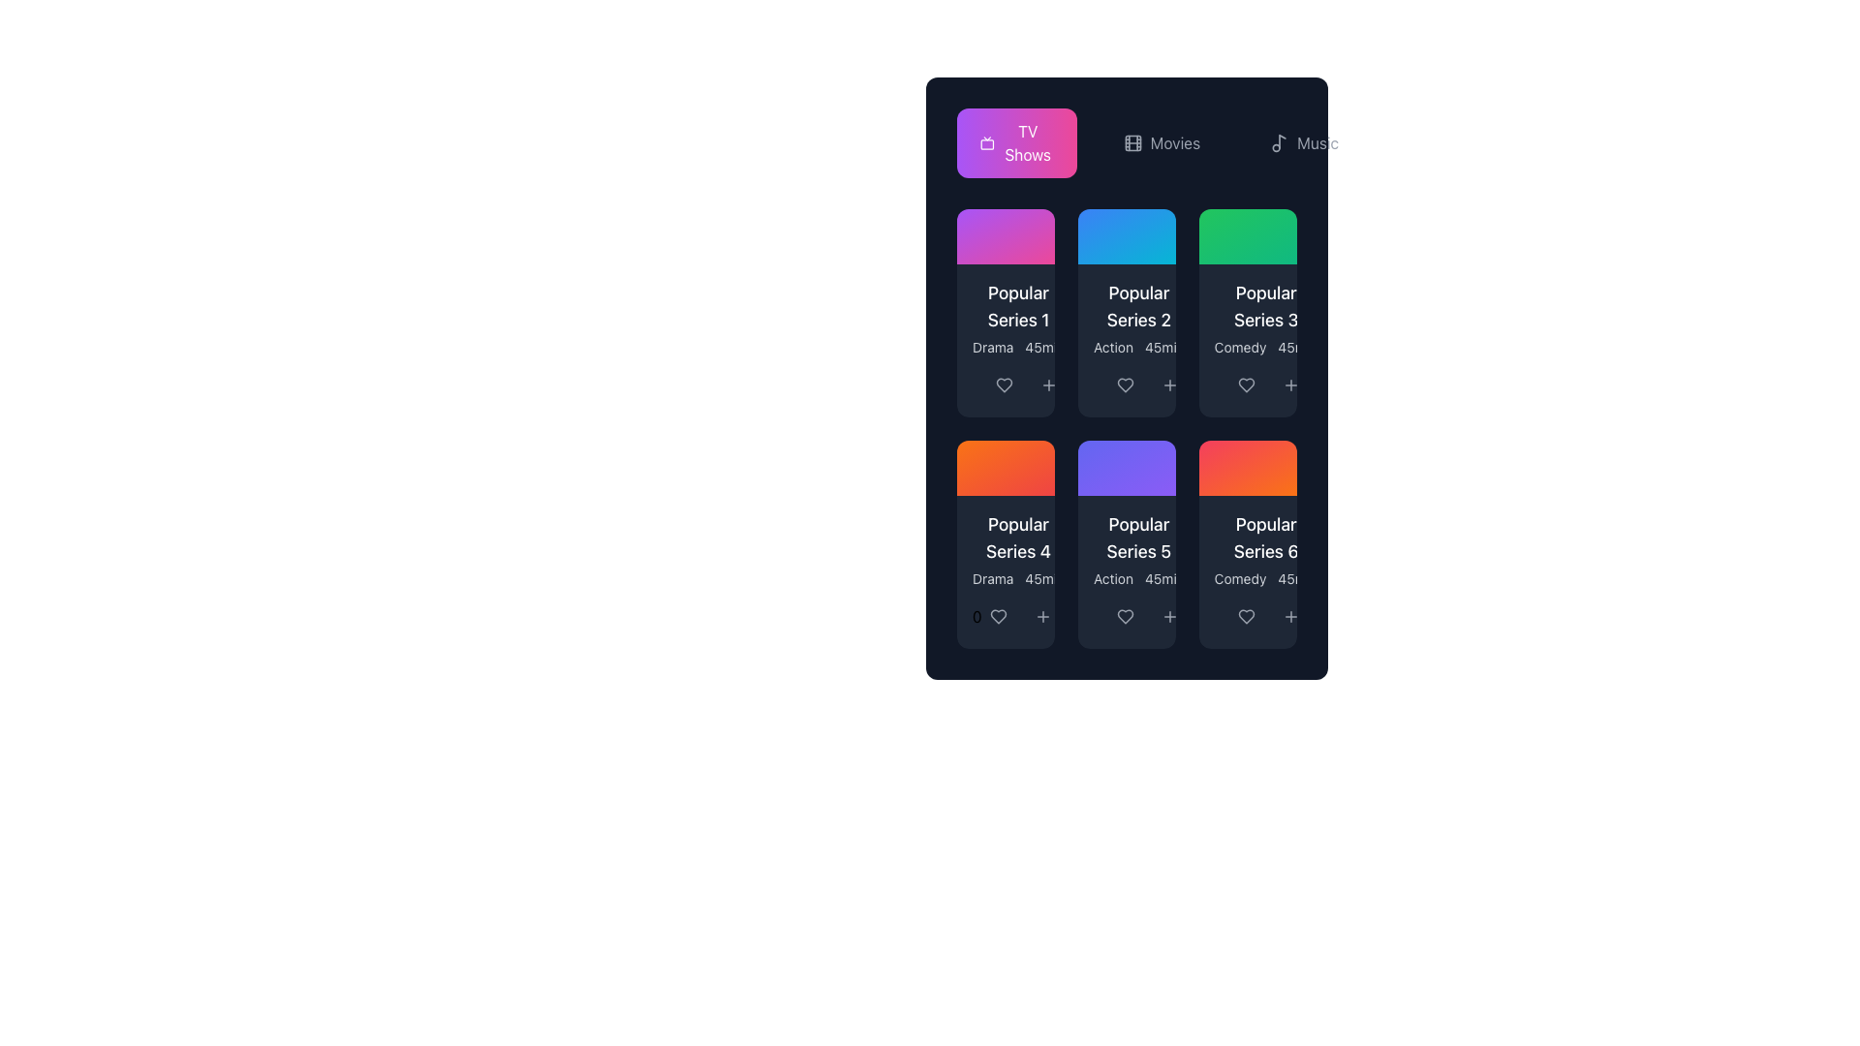  I want to click on the circular button with a play symbol located in the top section of the second card in the first row above 'Popular Series 2', so click(1127, 235).